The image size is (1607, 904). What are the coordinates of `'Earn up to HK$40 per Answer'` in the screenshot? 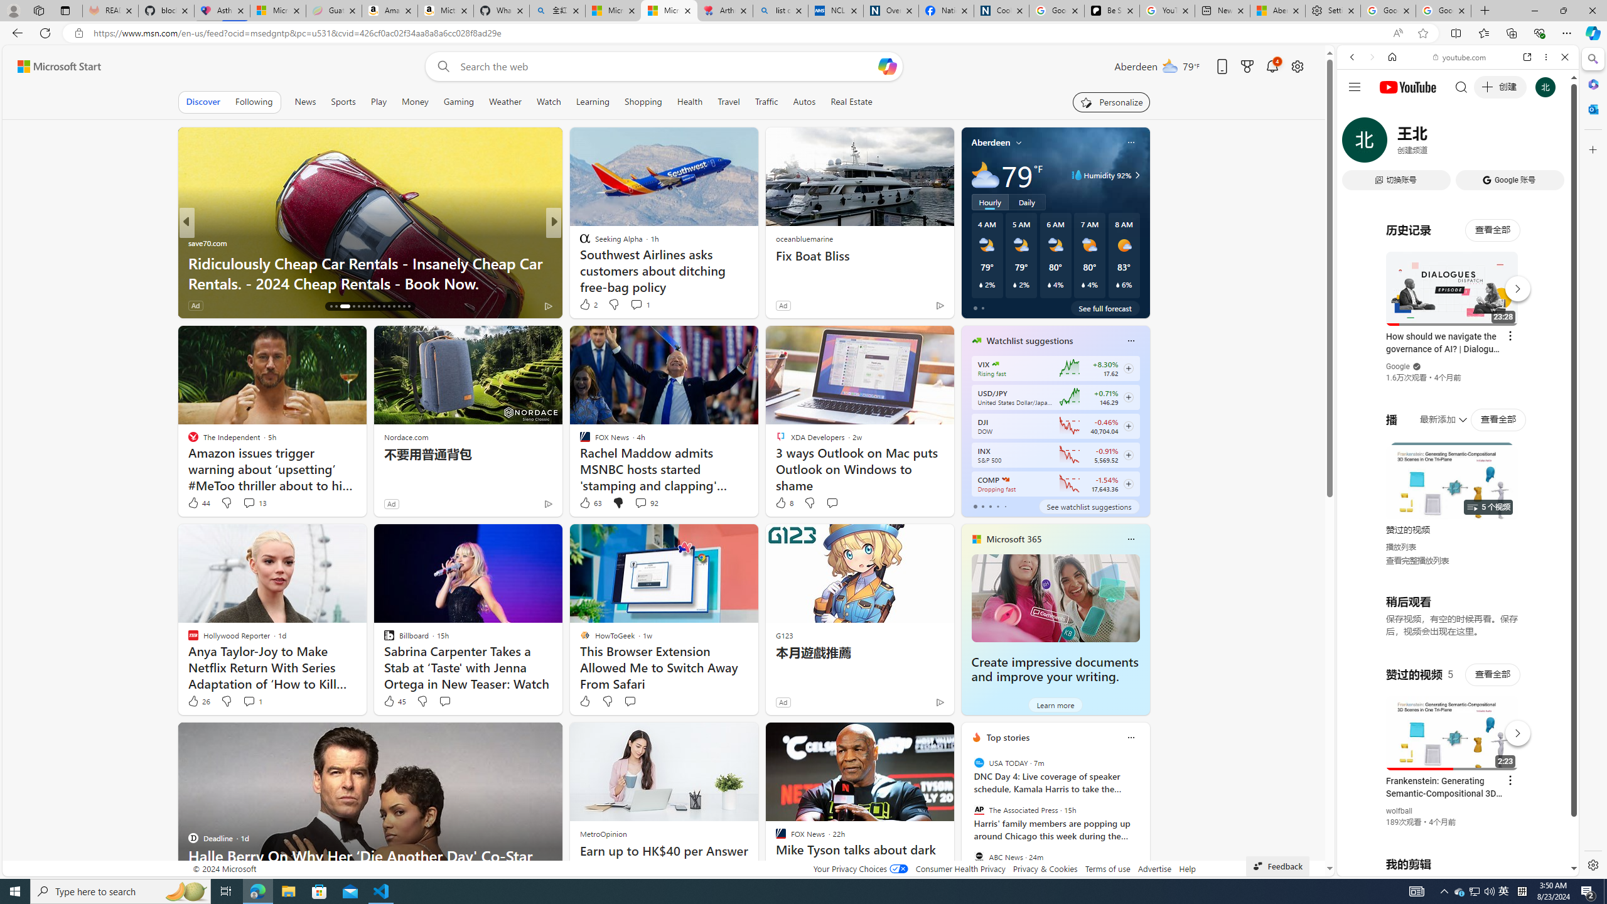 It's located at (664, 851).